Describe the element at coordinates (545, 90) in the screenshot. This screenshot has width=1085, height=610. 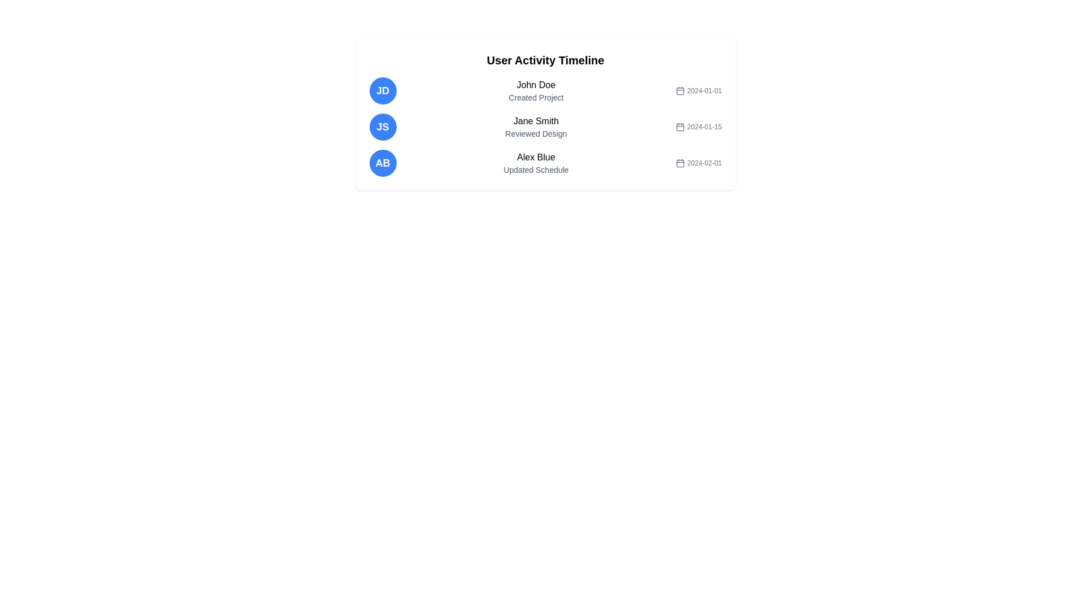
I see `displayed information from the first row of user activities, which shows the user's initials, name, performed action, and date of the activity` at that location.